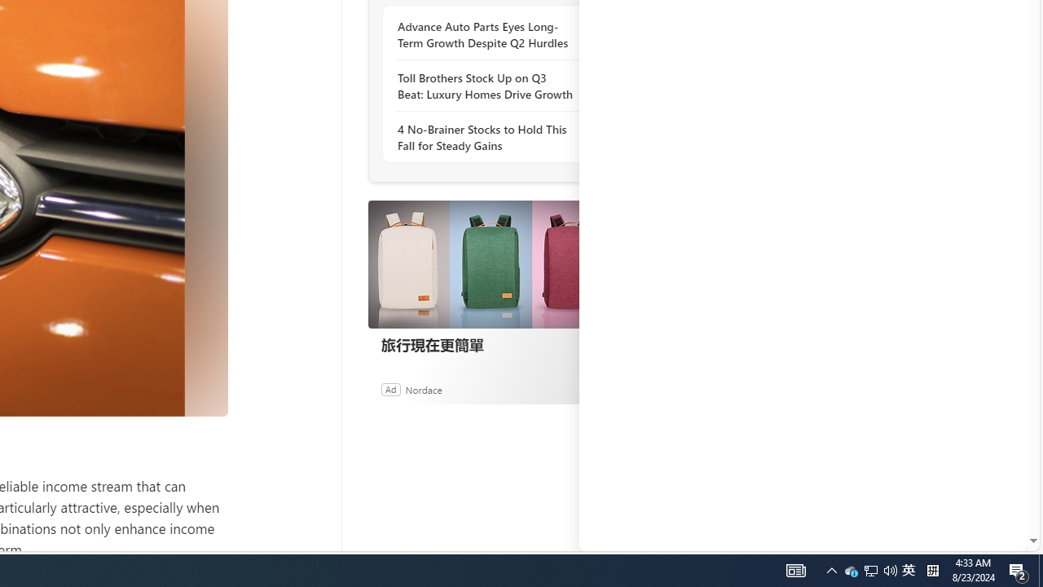  I want to click on 'Toll Brothers Stock Up on Q3 Beat: Luxury Homes Drive Growth', so click(485, 86).